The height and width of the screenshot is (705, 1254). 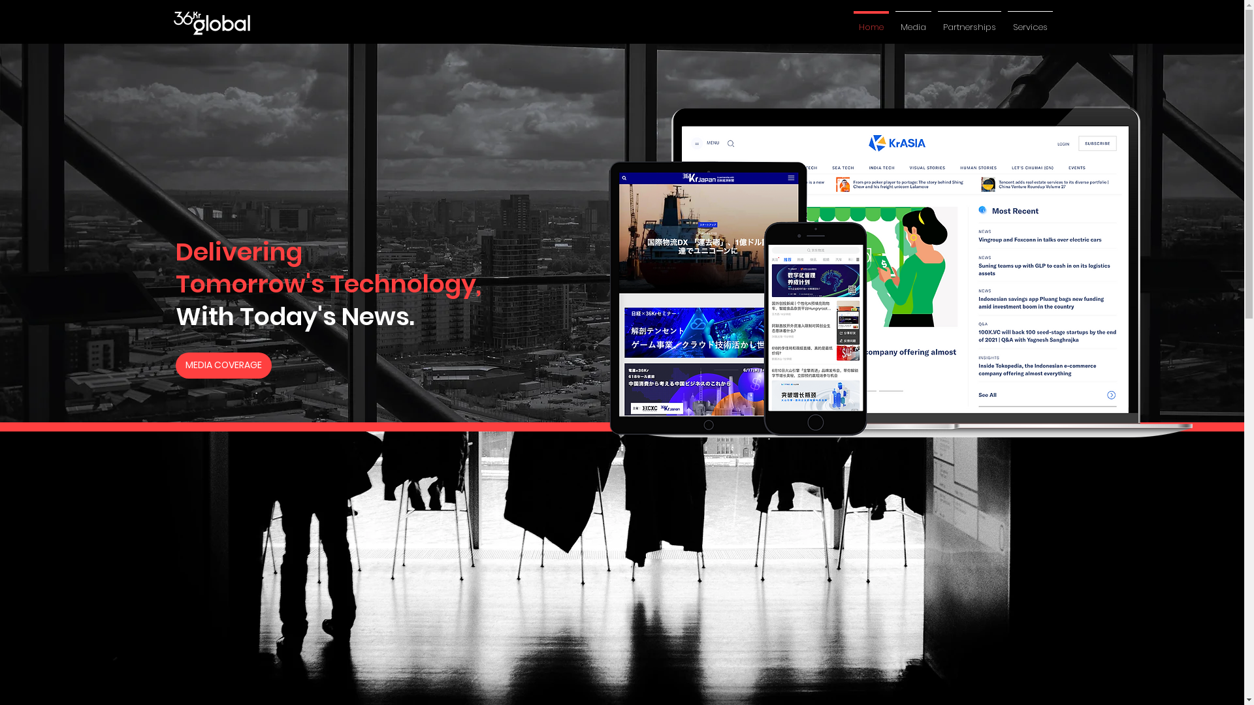 What do you see at coordinates (912, 22) in the screenshot?
I see `'Media'` at bounding box center [912, 22].